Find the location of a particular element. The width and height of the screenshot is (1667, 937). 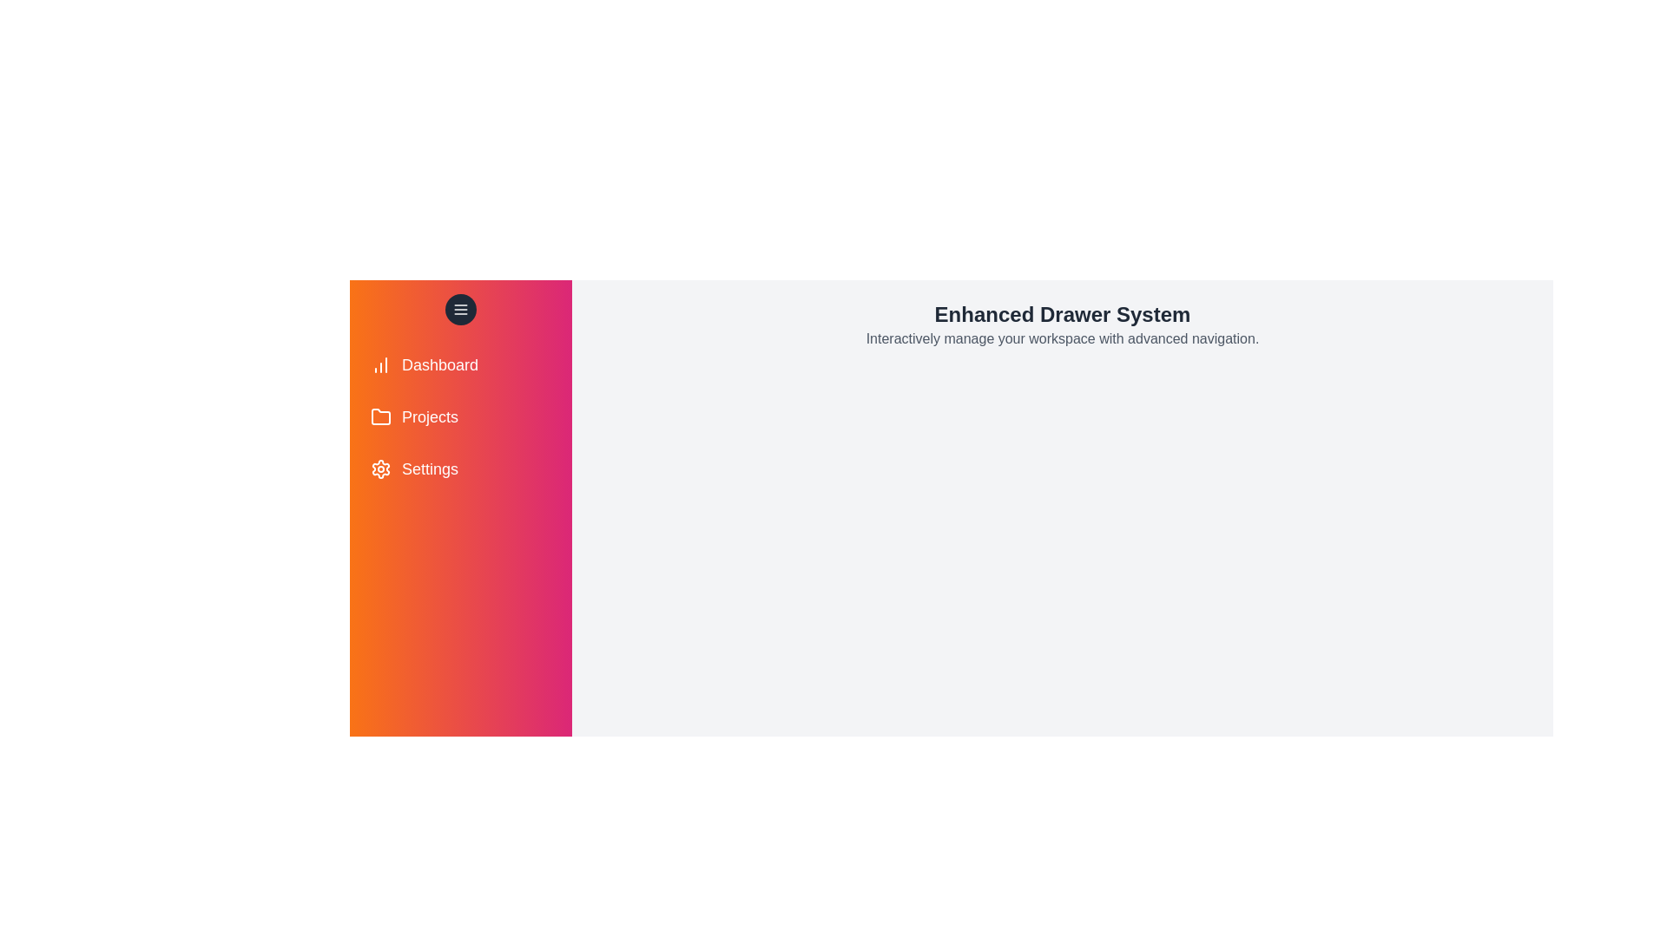

the menu item Projects from the drawer is located at coordinates (461, 417).